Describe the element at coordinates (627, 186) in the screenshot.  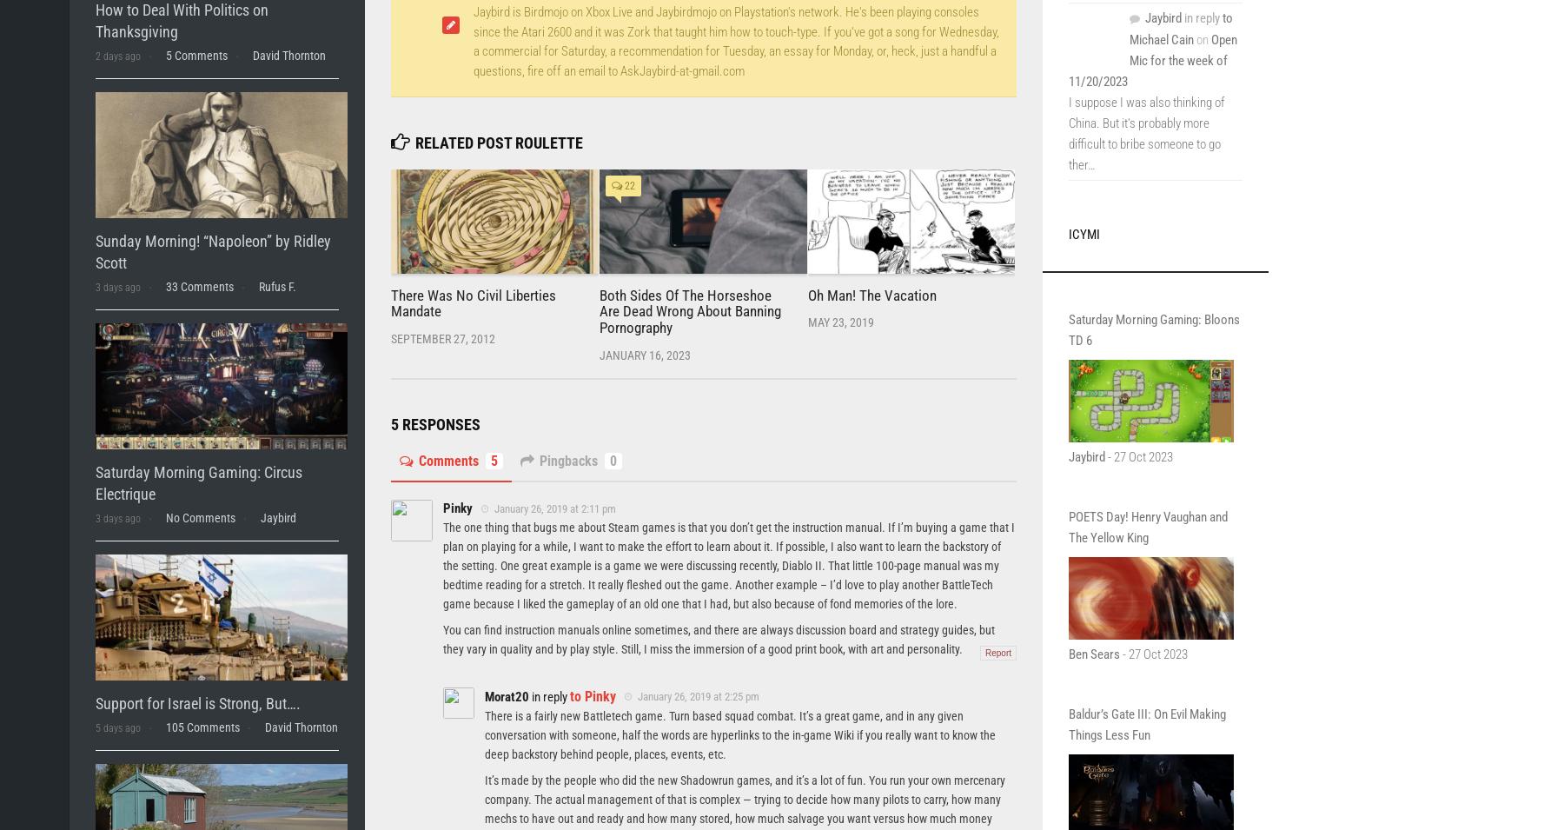
I see `'22'` at that location.